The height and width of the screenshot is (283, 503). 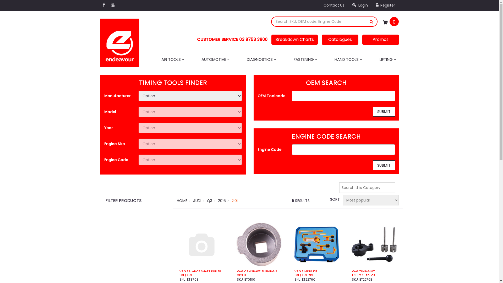 I want to click on '0', so click(x=394, y=21).